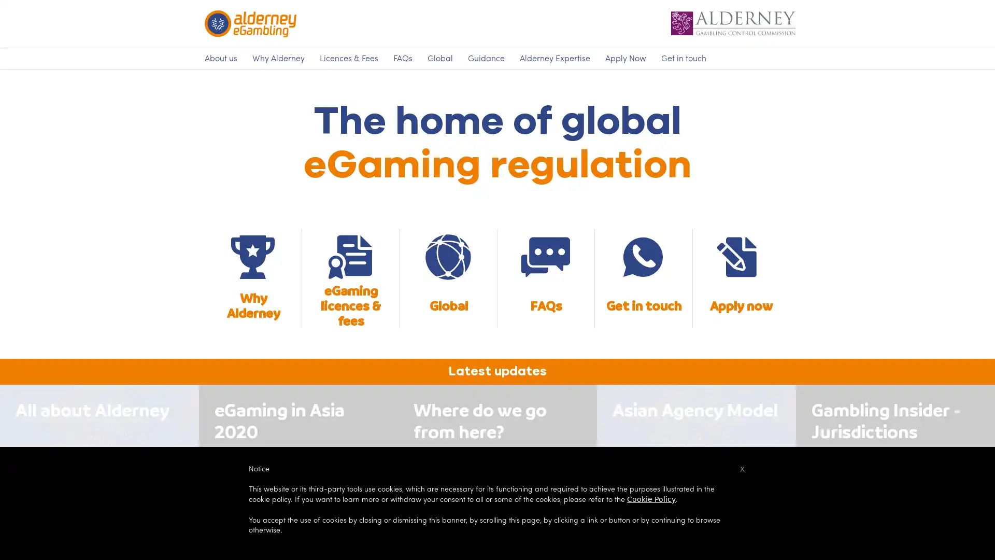  Describe the element at coordinates (741, 467) in the screenshot. I see `x` at that location.